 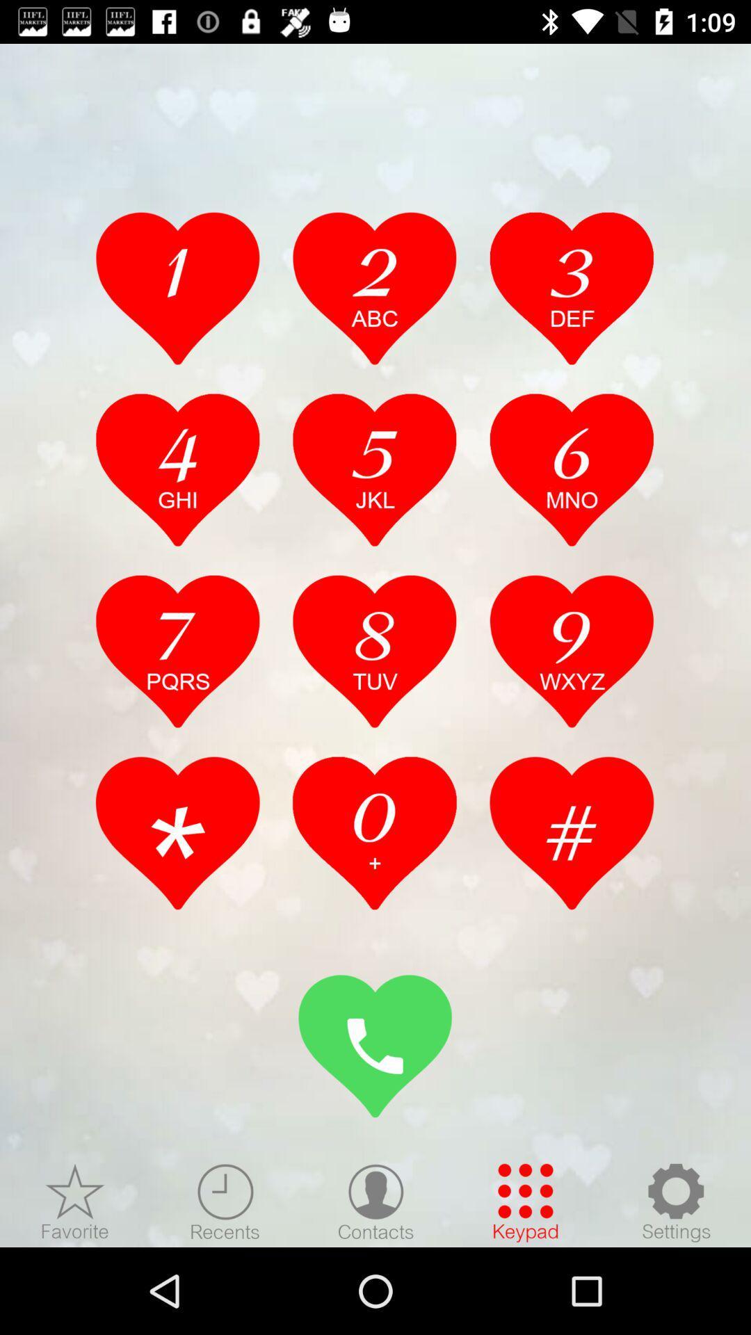 I want to click on press number 6, so click(x=572, y=469).